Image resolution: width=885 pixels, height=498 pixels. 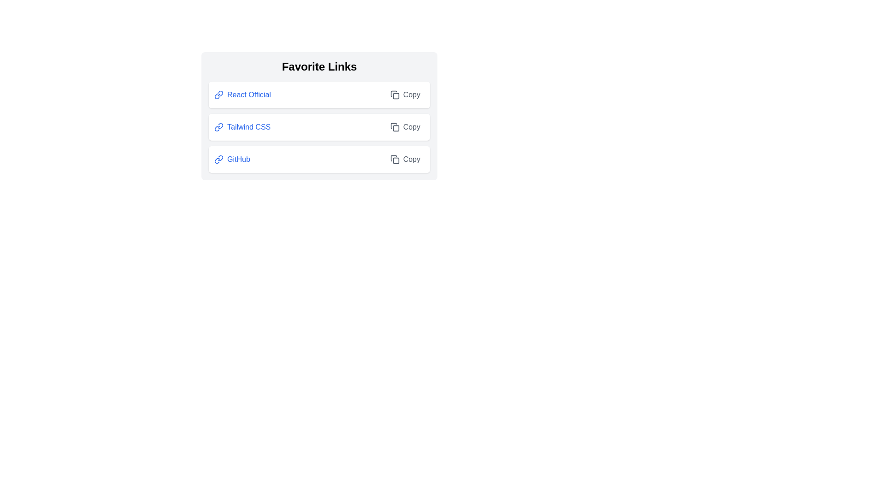 What do you see at coordinates (220, 94) in the screenshot?
I see `the decorative link icon segment representing the 'React Official' link in the 'Favorite Links' list` at bounding box center [220, 94].